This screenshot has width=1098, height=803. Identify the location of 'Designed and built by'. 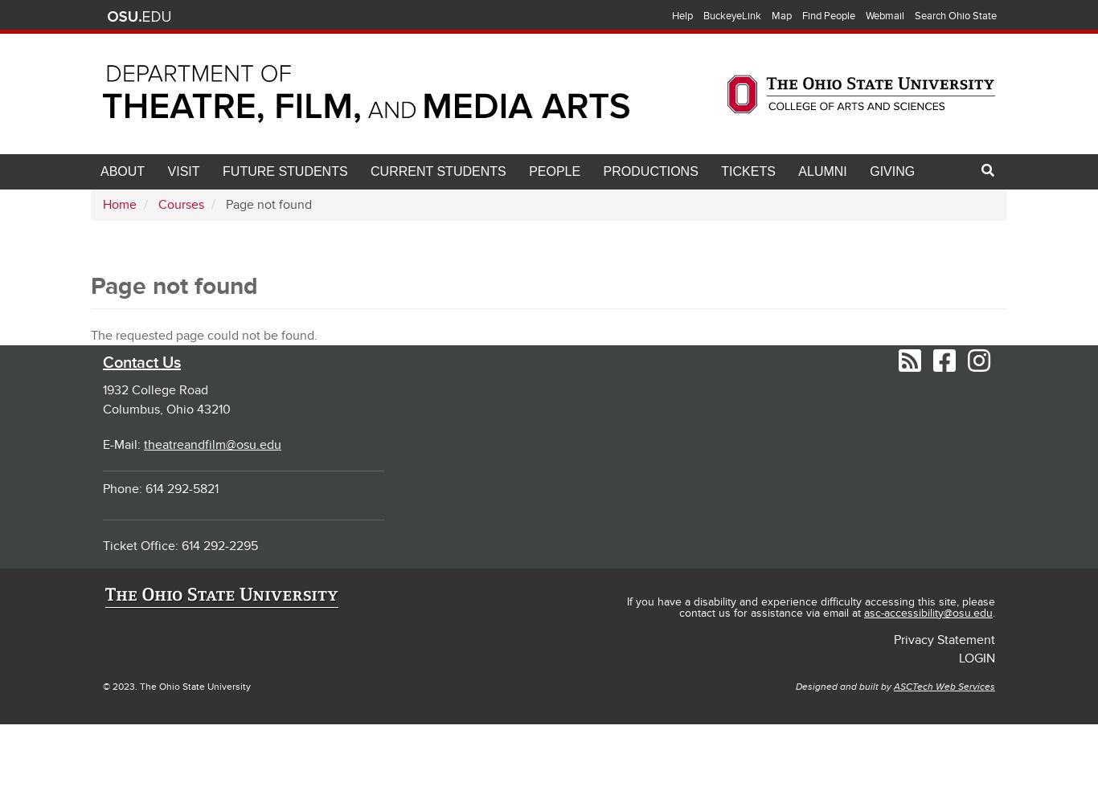
(795, 686).